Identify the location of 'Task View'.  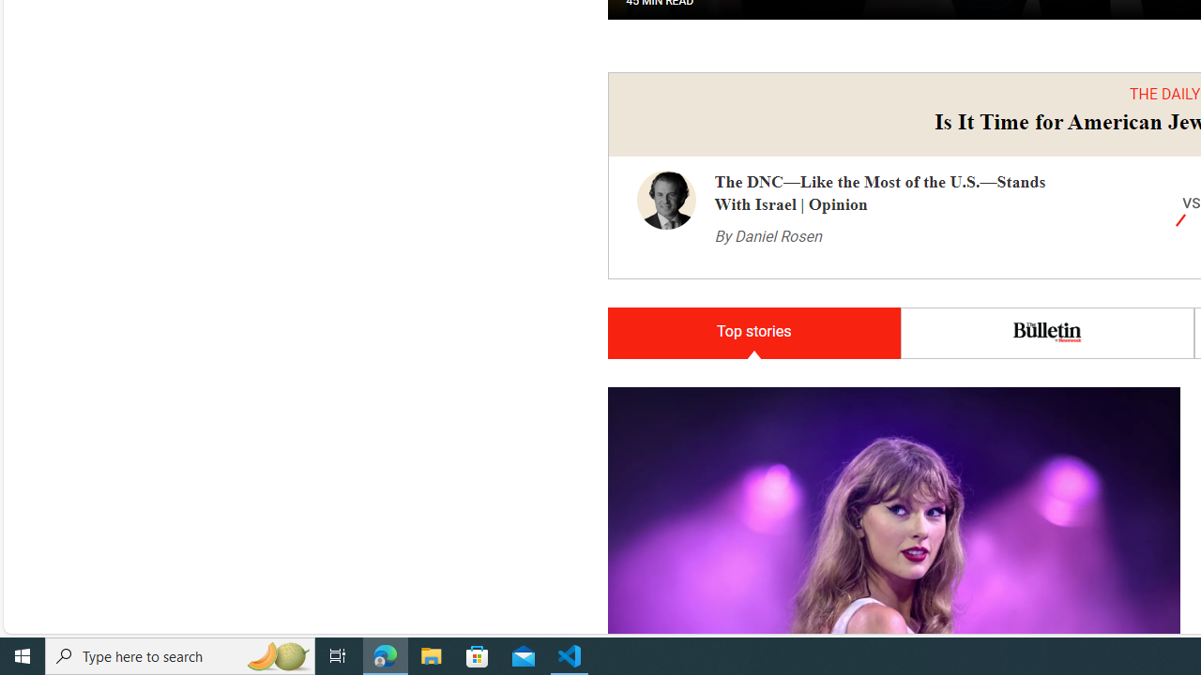
(337, 654).